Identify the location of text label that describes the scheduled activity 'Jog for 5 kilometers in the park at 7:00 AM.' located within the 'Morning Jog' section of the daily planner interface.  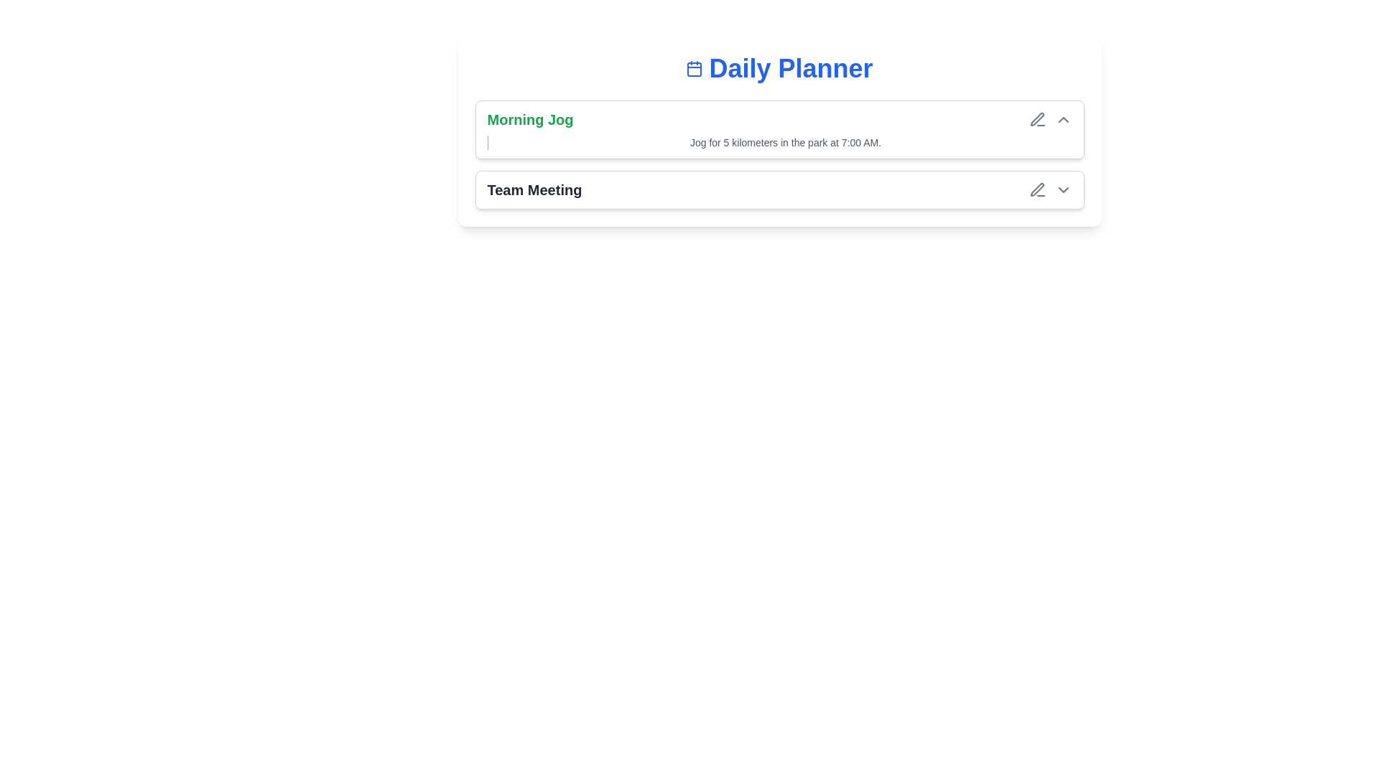
(785, 143).